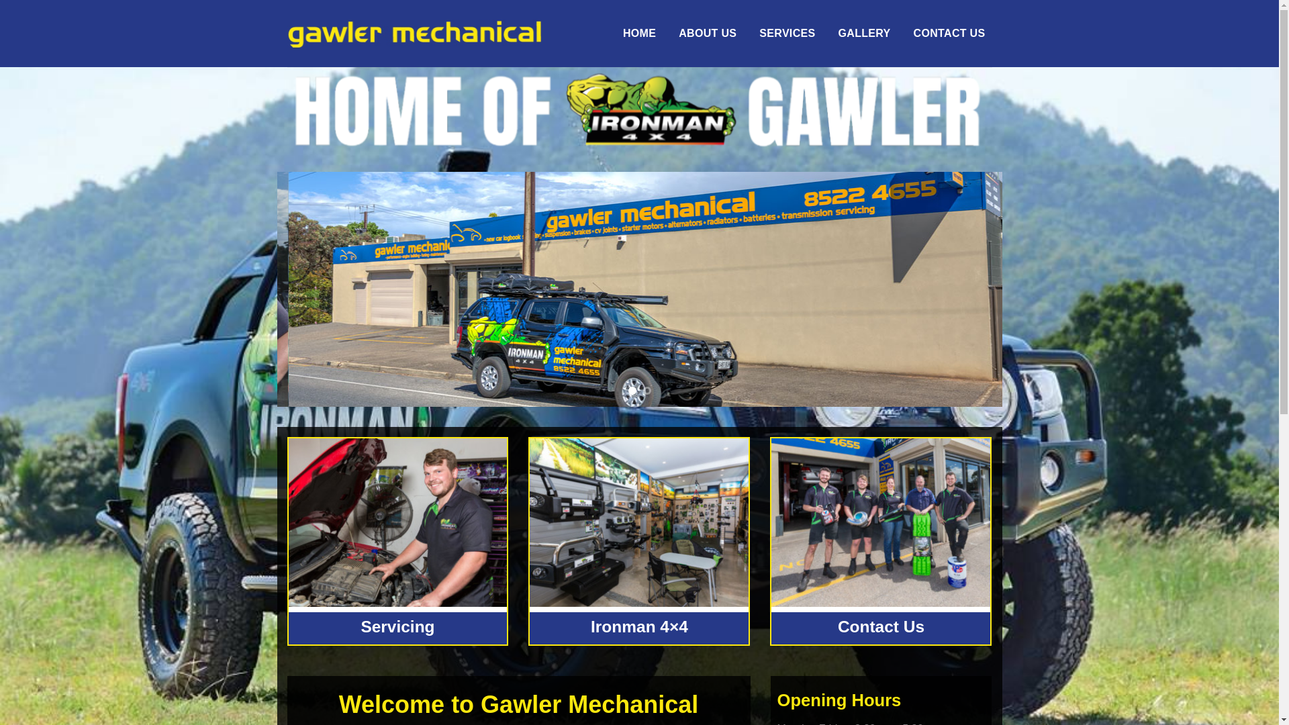  Describe the element at coordinates (863, 33) in the screenshot. I see `'GALLERY'` at that location.